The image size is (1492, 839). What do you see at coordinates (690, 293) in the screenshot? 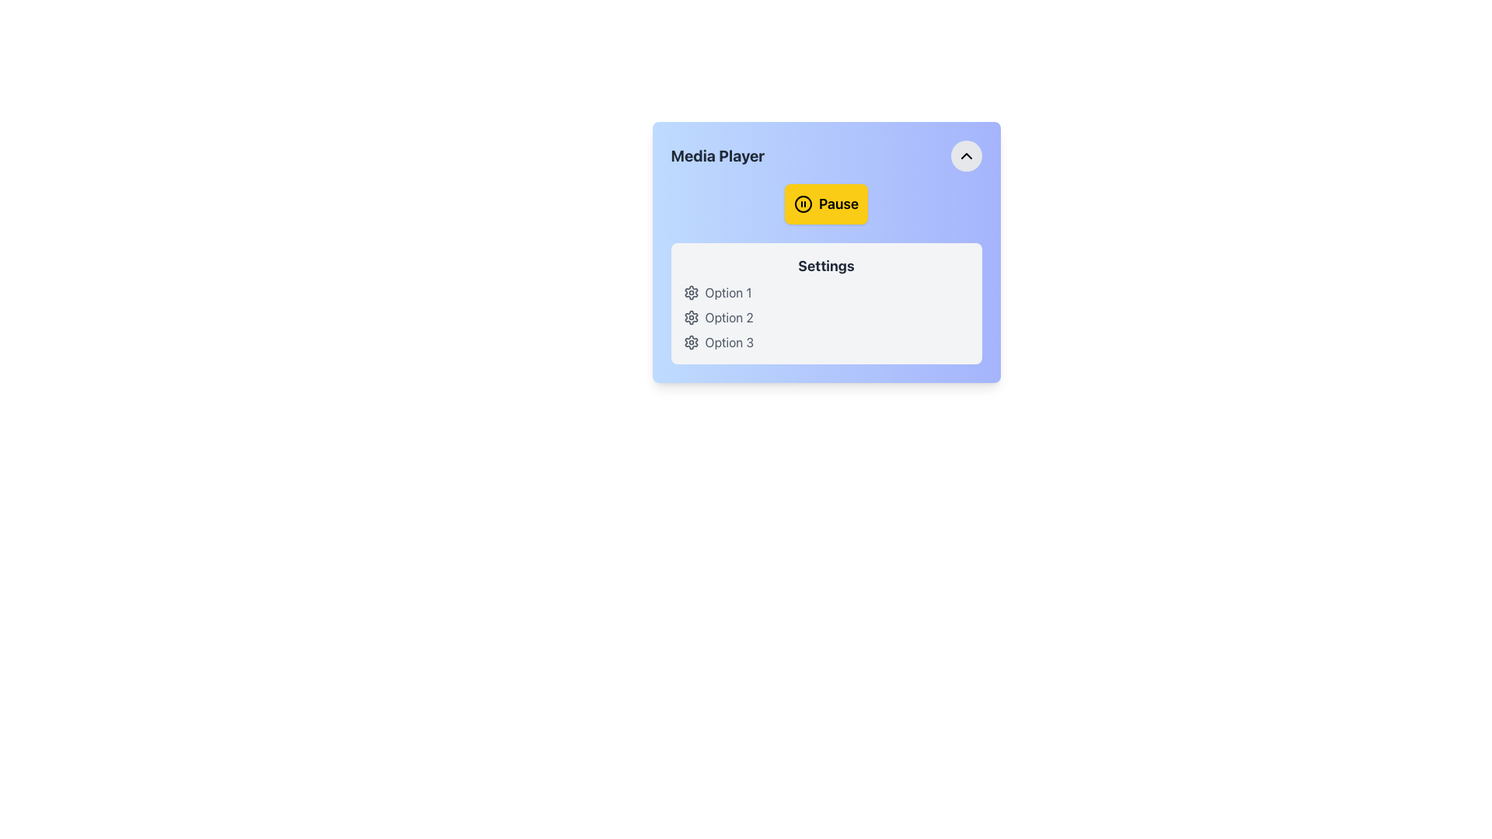
I see `the settings icon located in the top-left corner of the settings list adjacent to 'Option 1'` at bounding box center [690, 293].